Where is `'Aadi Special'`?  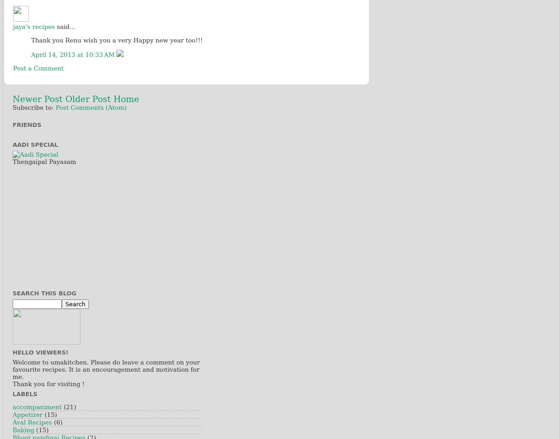 'Aadi Special' is located at coordinates (34, 144).